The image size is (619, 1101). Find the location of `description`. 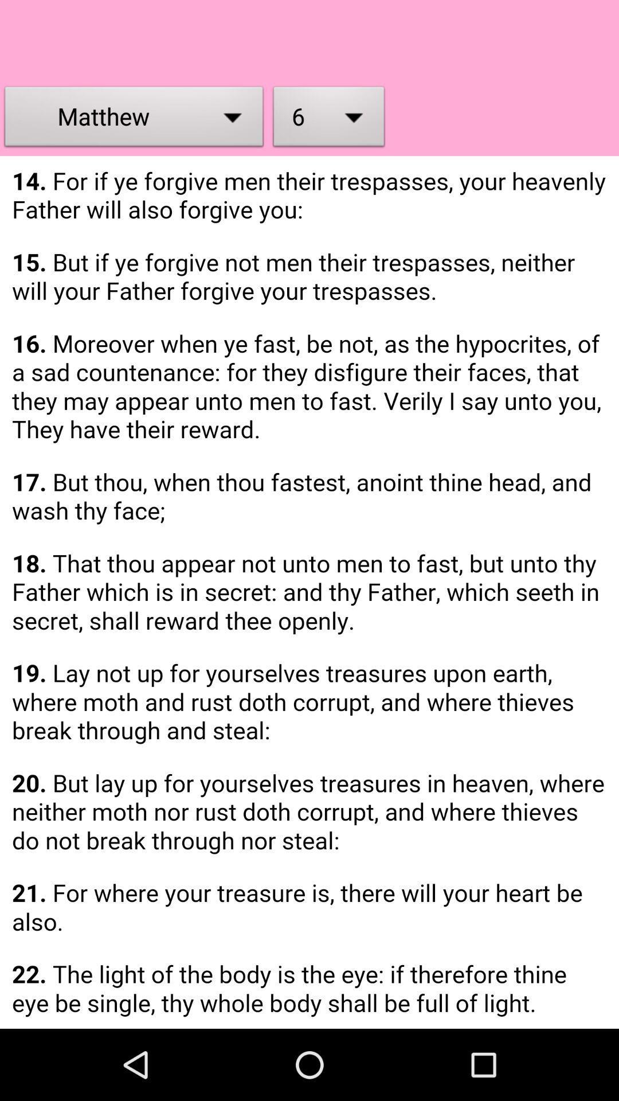

description is located at coordinates (309, 592).